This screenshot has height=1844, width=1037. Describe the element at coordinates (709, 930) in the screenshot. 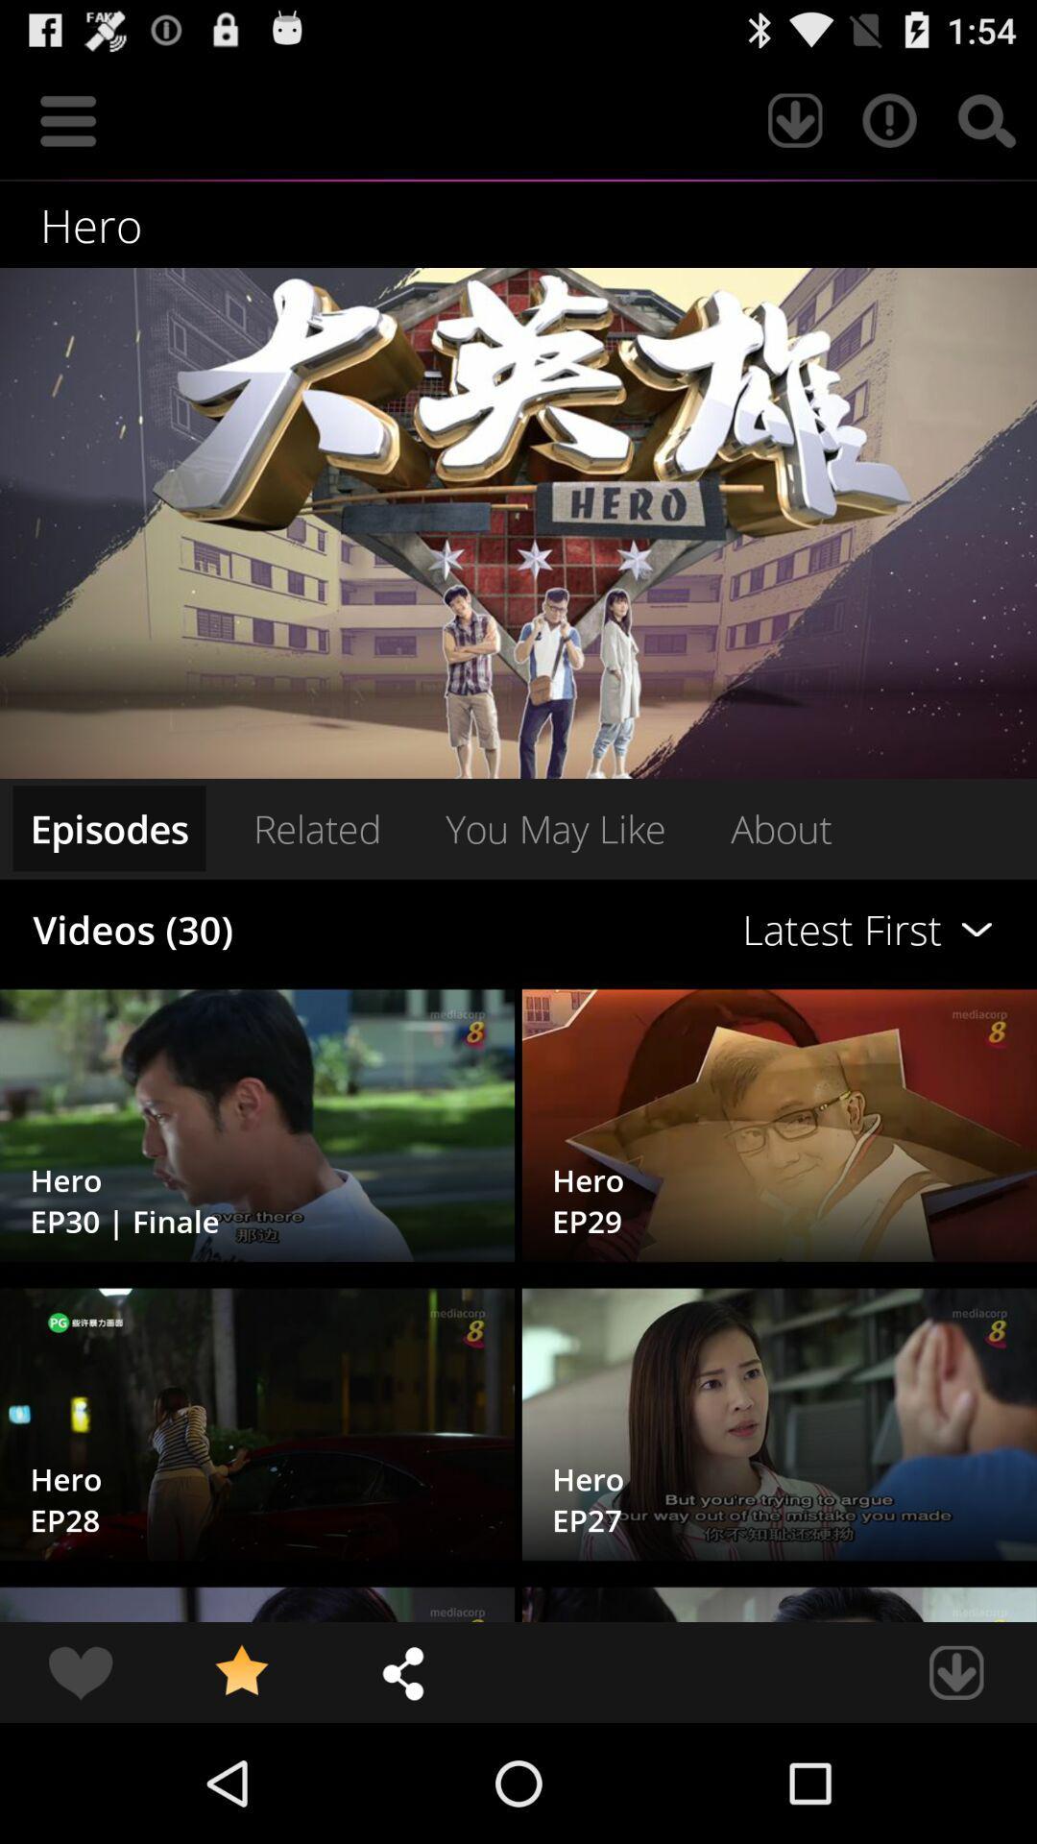

I see `the item to the right of related` at that location.